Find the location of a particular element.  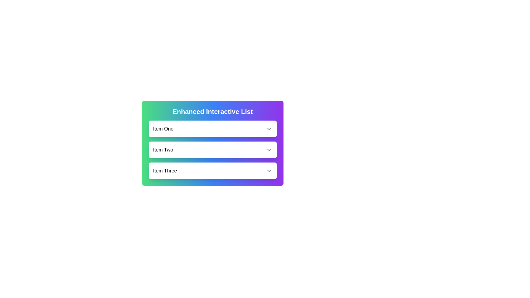

the Chevron icon in the dropdown menu is located at coordinates (269, 150).